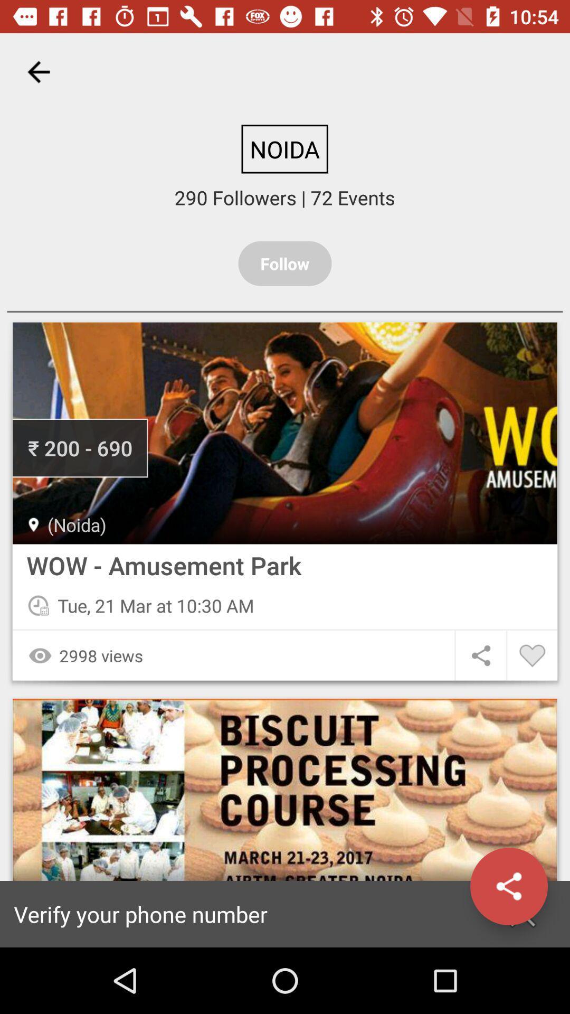 Image resolution: width=570 pixels, height=1014 pixels. I want to click on follow which is above the image, so click(285, 264).